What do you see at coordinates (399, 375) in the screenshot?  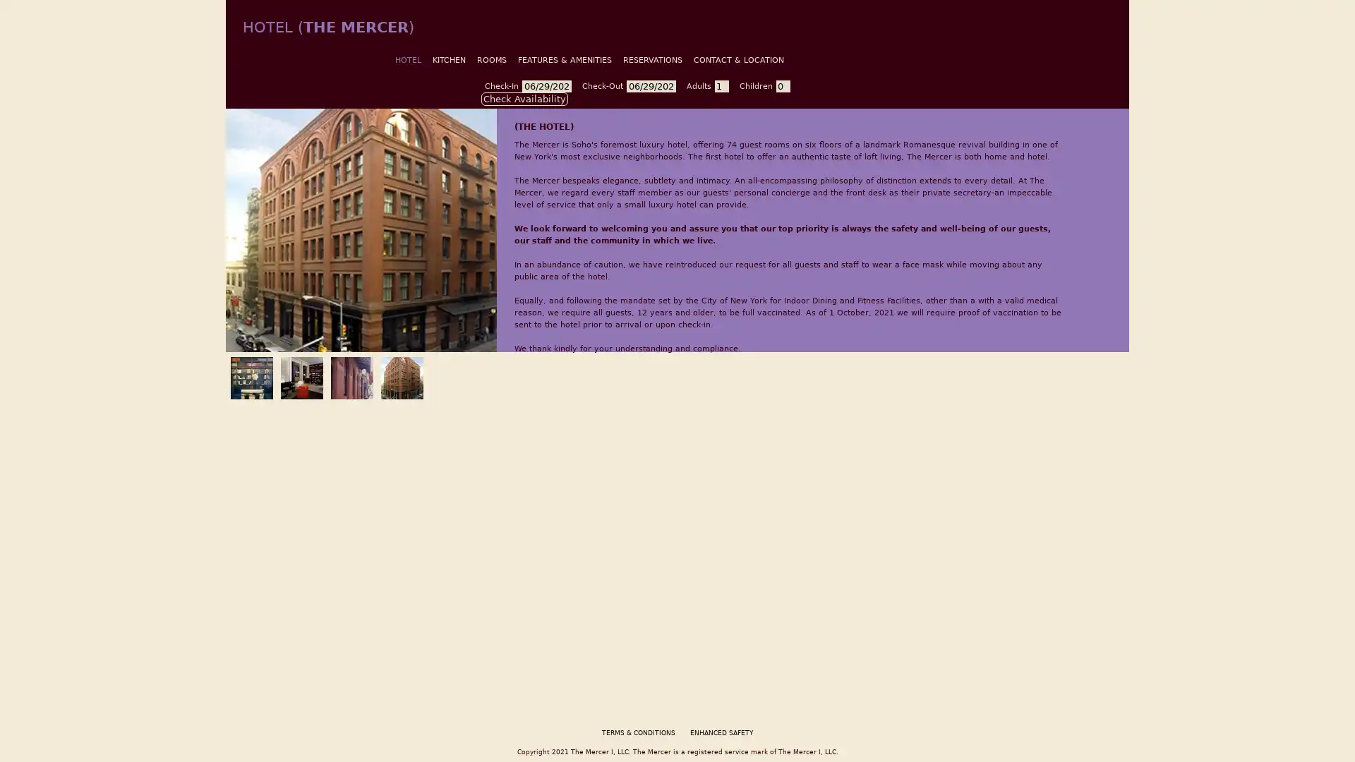 I see `Hotel exterior far` at bounding box center [399, 375].